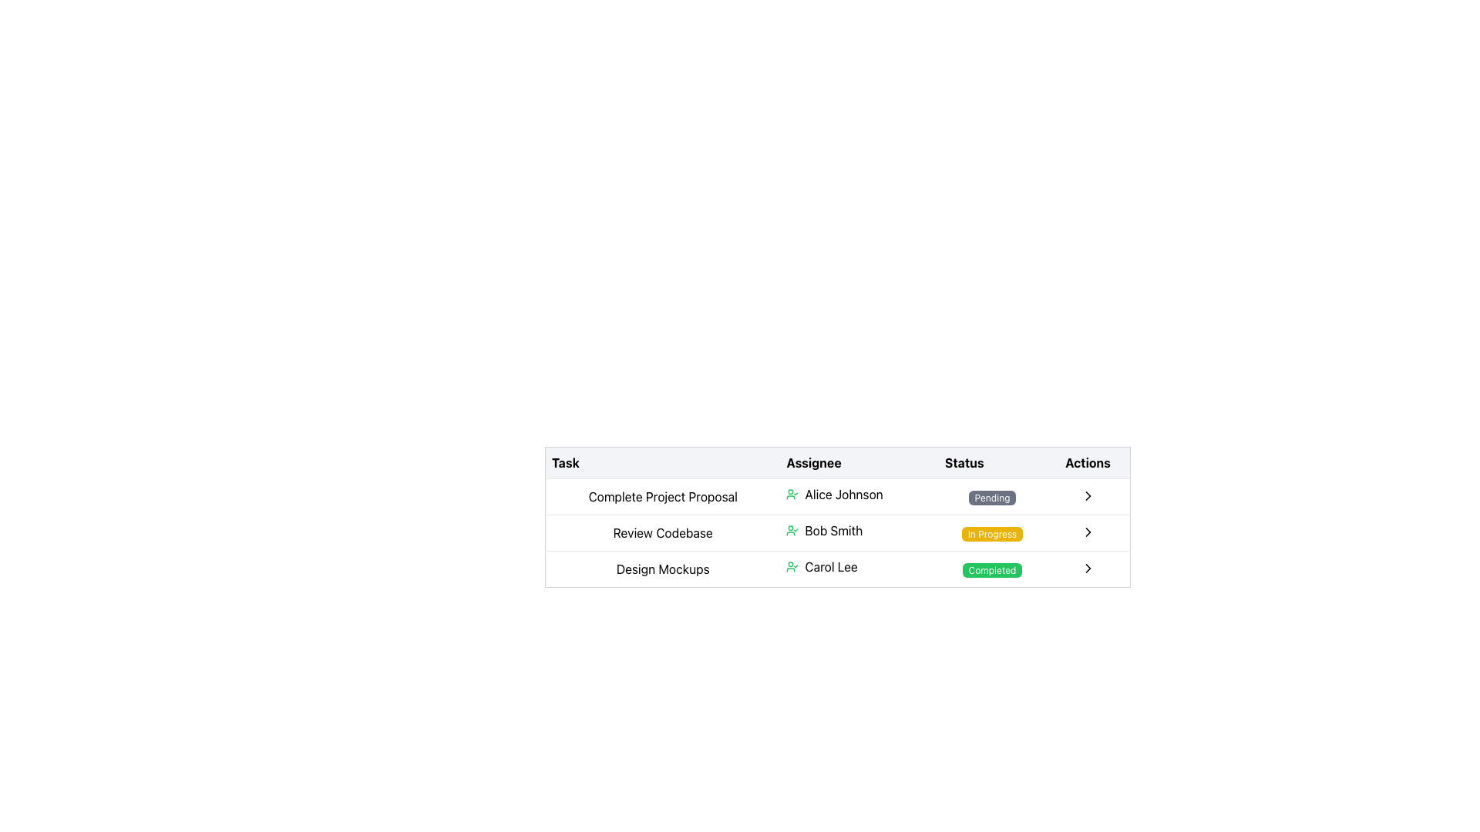 The width and height of the screenshot is (1480, 832). I want to click on the circular button with a chevron-like icon located in the far-right column under the 'Actions' header for the 'Complete Project Proposal' row, so click(1087, 496).